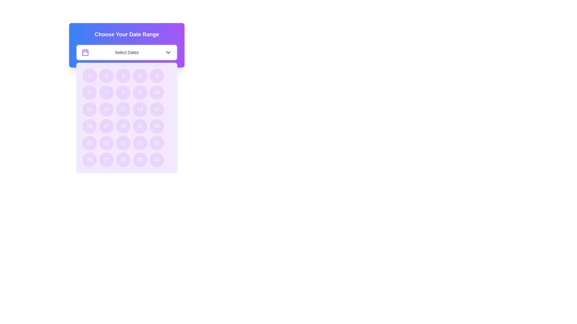  Describe the element at coordinates (106, 109) in the screenshot. I see `the button that allows the user to select the date '12'` at that location.